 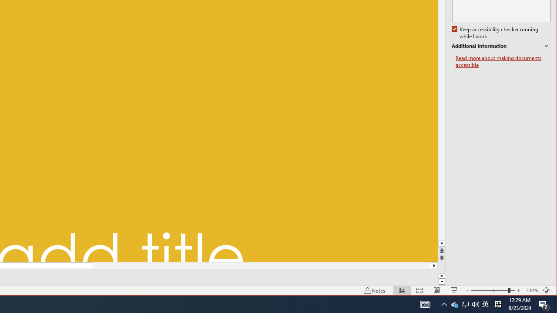 I want to click on 'Zoom', so click(x=475, y=303).